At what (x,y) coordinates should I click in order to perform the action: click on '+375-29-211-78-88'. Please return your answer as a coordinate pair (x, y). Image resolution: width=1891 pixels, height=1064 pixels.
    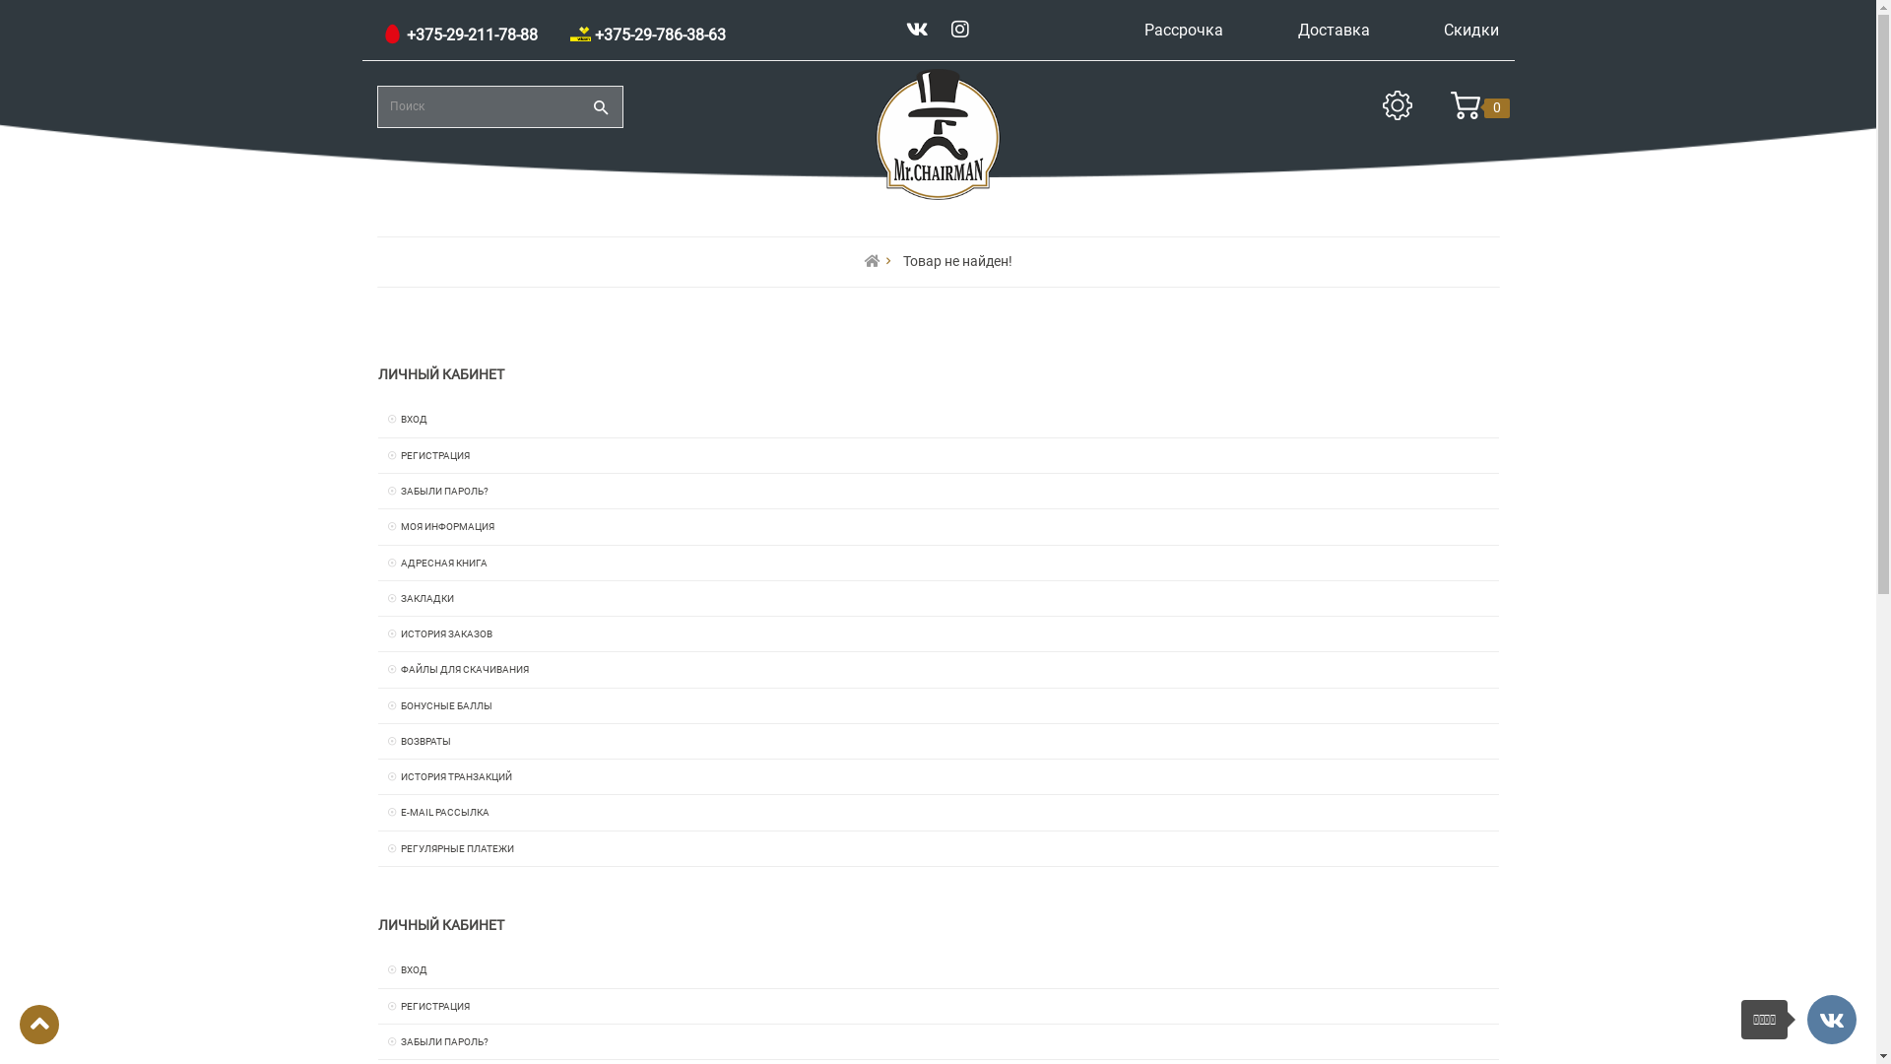
    Looking at the image, I should click on (458, 34).